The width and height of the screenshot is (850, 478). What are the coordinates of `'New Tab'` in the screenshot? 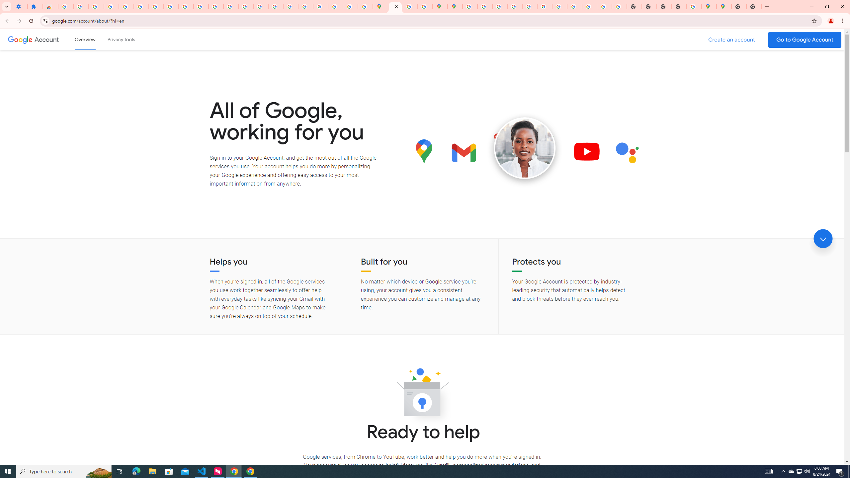 It's located at (739, 6).